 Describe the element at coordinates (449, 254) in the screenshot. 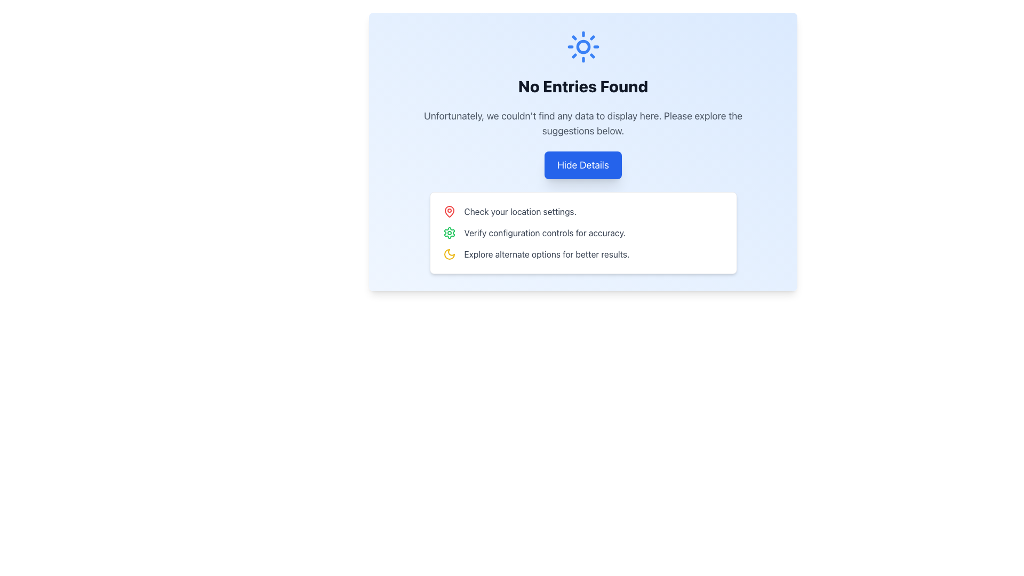

I see `the crescent moon graphic icon, which indicates a nighttime or themed mode on the interface, located in the upper-middle portion near the 'No Entries Found' notification` at that location.